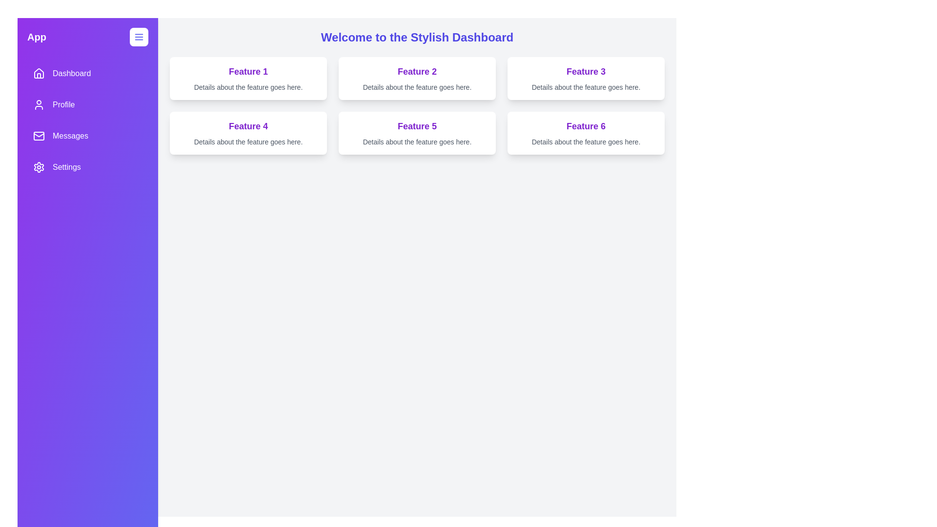 The height and width of the screenshot is (527, 937). Describe the element at coordinates (71, 73) in the screenshot. I see `the text label reading 'Dashboard', which is styled in white text on a purple background and positioned adjacent to a house icon in the sidebar menu` at that location.